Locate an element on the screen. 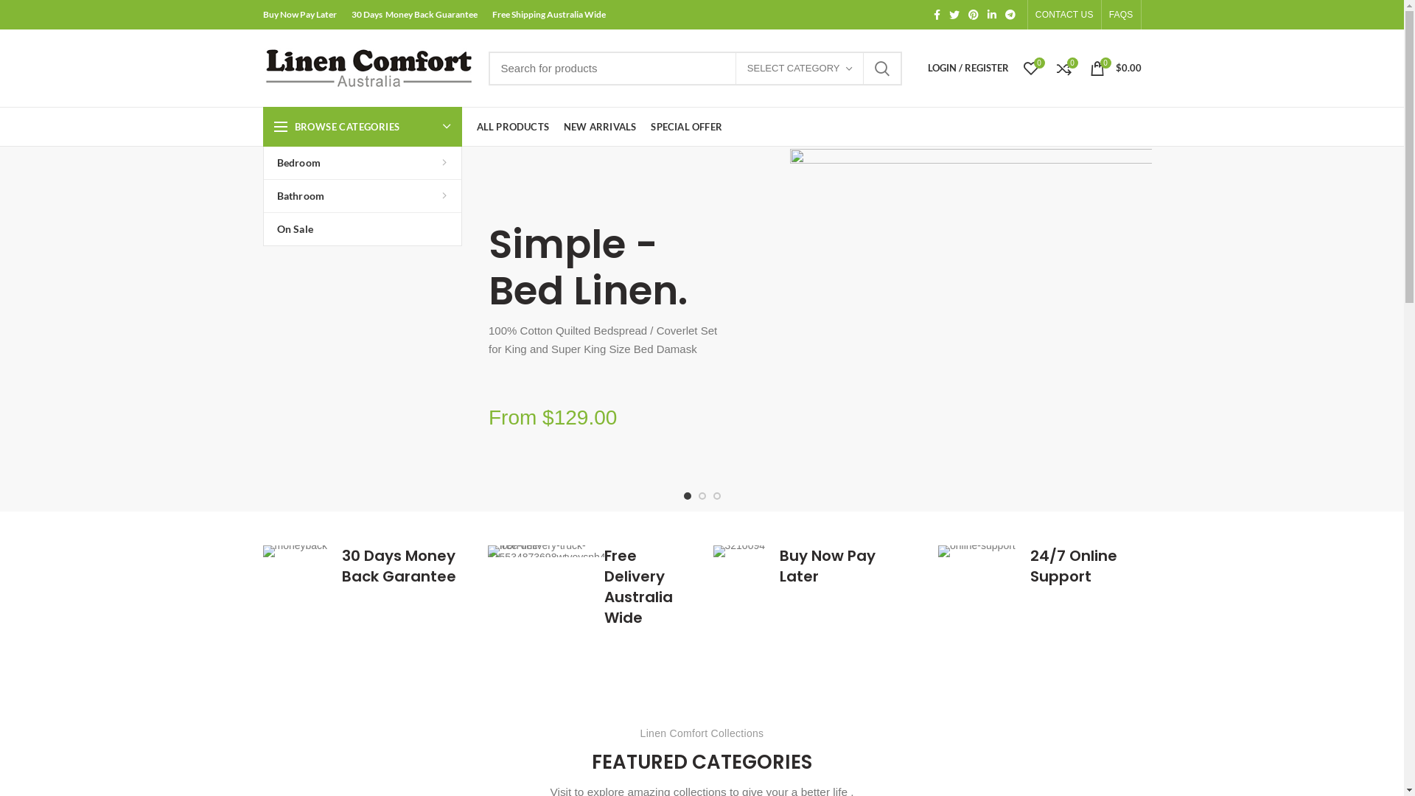 This screenshot has width=1415, height=796. 'Bathroom' is located at coordinates (362, 195).